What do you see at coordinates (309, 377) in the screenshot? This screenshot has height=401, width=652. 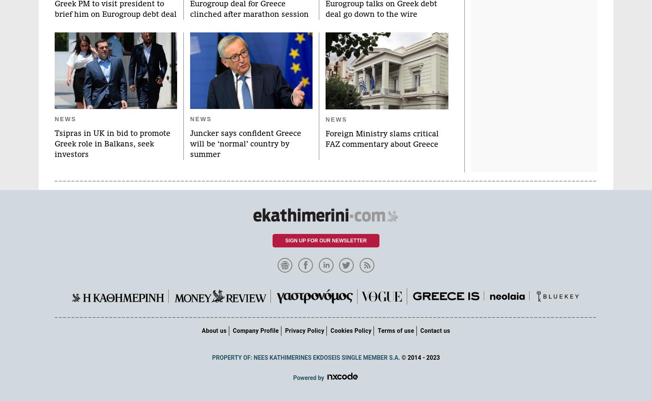 I see `'Powered
                by'` at bounding box center [309, 377].